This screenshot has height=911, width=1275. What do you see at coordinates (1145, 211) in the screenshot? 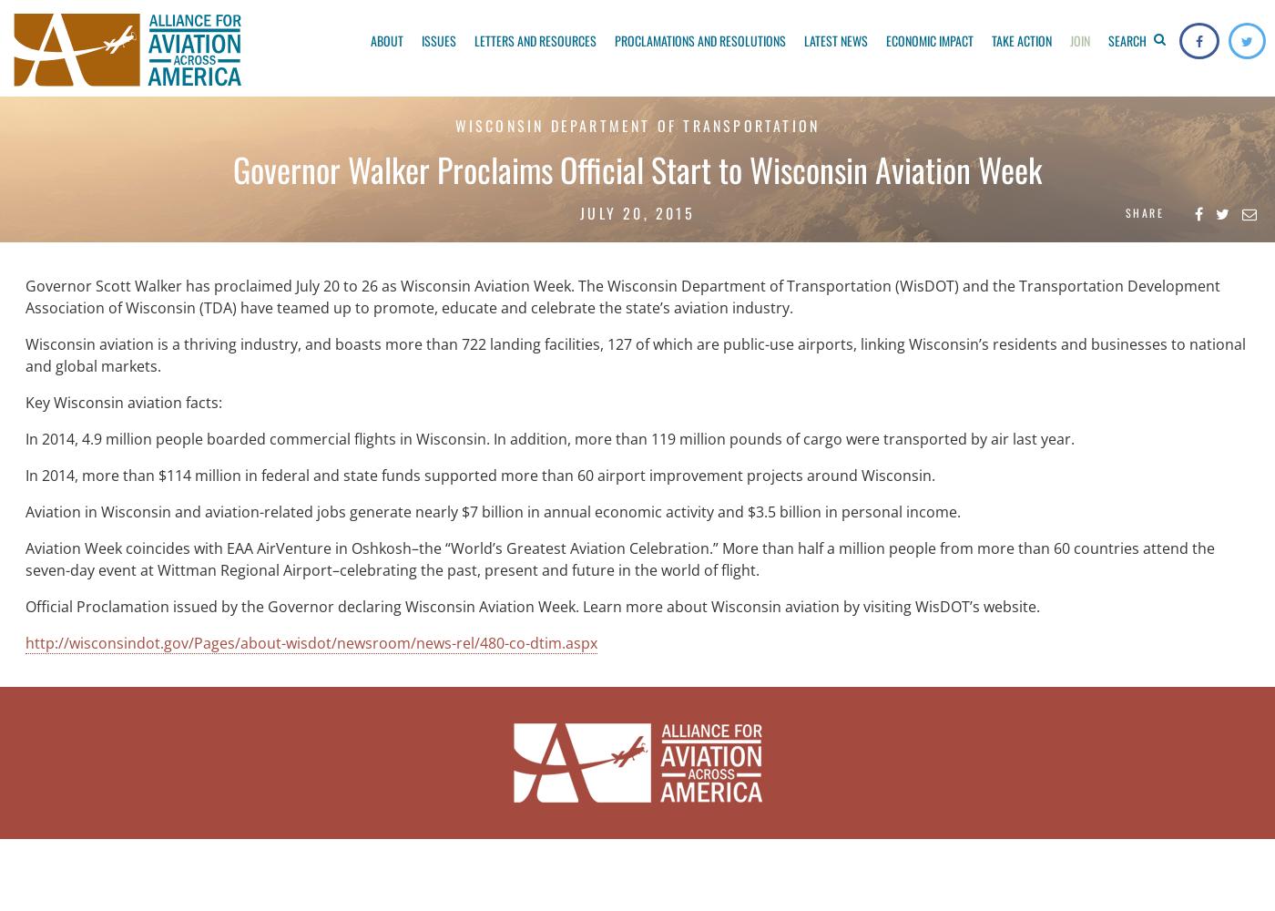
I see `'Share'` at bounding box center [1145, 211].